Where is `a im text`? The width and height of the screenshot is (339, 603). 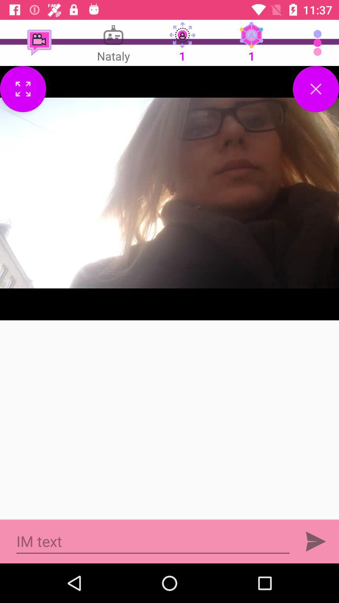
a im text is located at coordinates (153, 541).